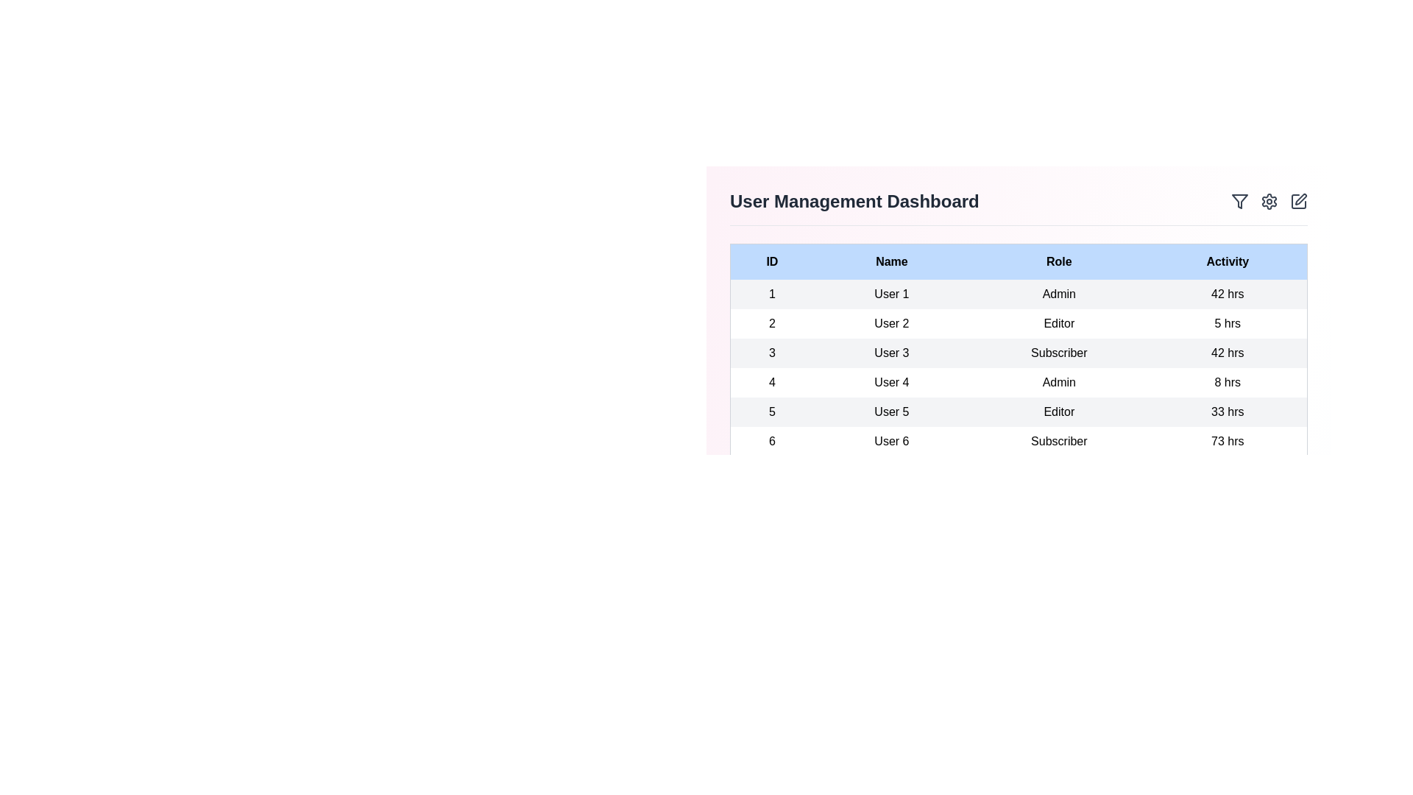 The image size is (1413, 795). I want to click on the header ID to sort the table by that column, so click(771, 261).